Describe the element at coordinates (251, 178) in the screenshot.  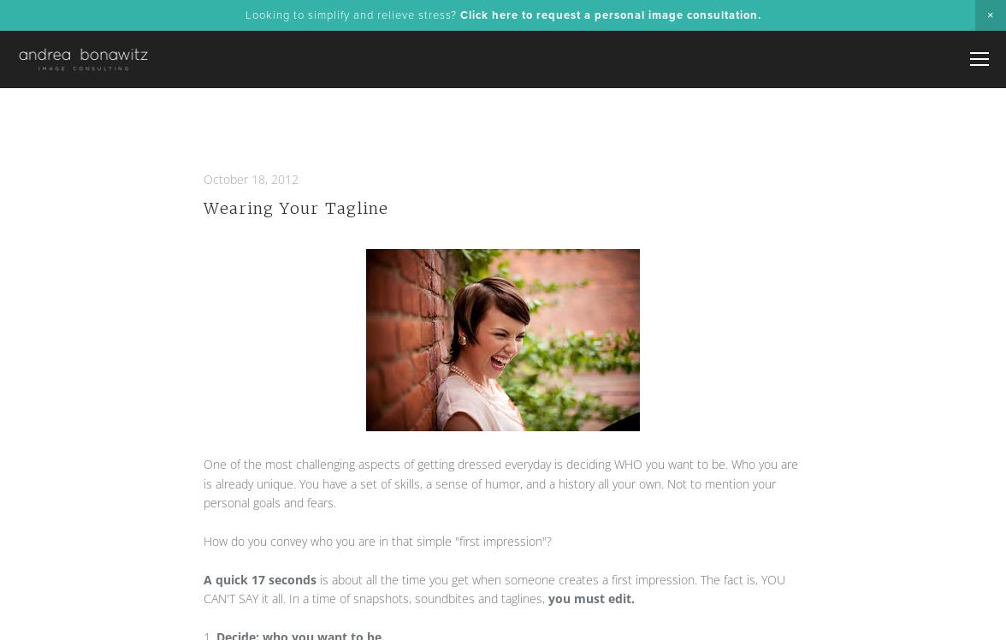
I see `'October 18, 2012'` at that location.